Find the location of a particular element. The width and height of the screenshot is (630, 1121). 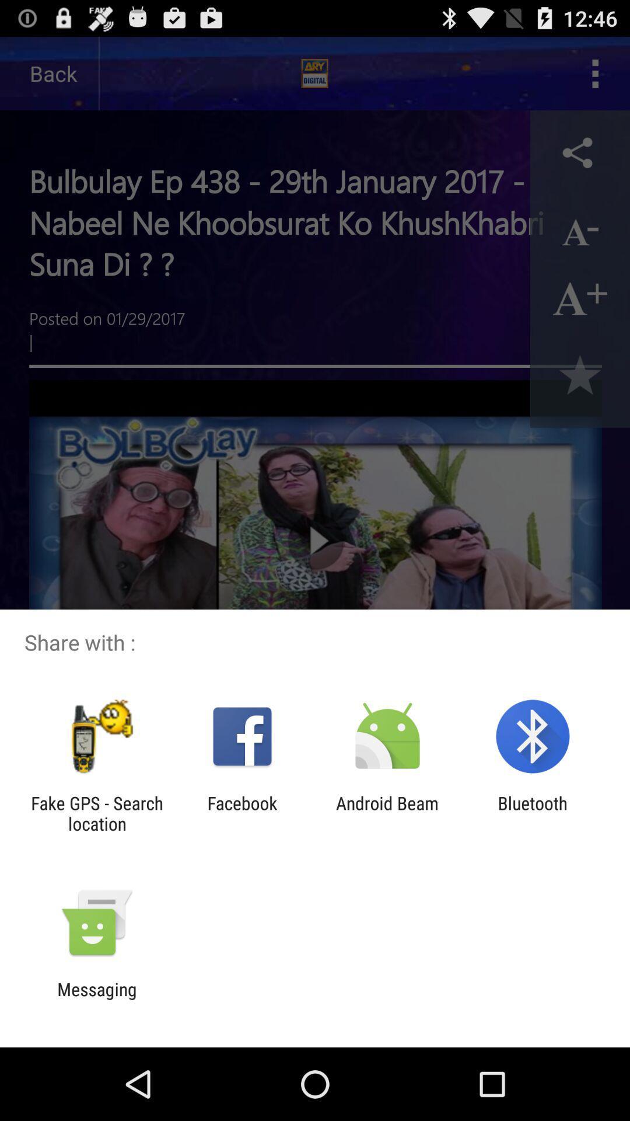

icon next to the android beam item is located at coordinates (242, 813).